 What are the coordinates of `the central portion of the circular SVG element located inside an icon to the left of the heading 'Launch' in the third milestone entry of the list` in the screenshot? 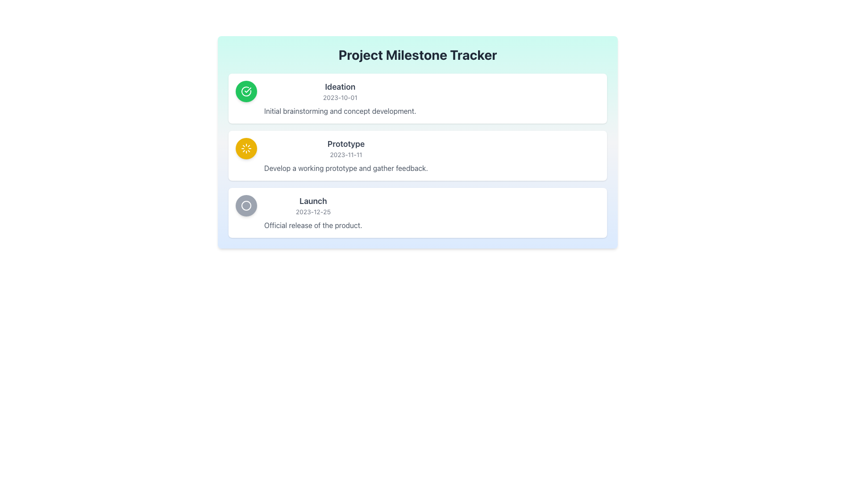 It's located at (246, 206).